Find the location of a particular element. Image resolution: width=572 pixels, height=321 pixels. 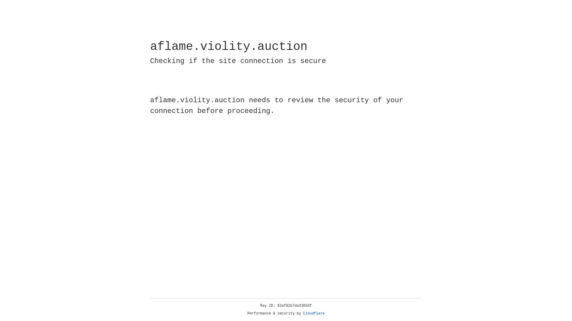

'Cloudflare' is located at coordinates (314, 313).